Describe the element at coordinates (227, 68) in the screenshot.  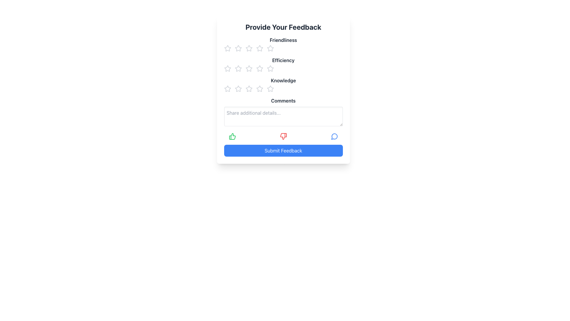
I see `the first star icon in the horizontal group of five stars used for rating under the 'Efficiency' category` at that location.